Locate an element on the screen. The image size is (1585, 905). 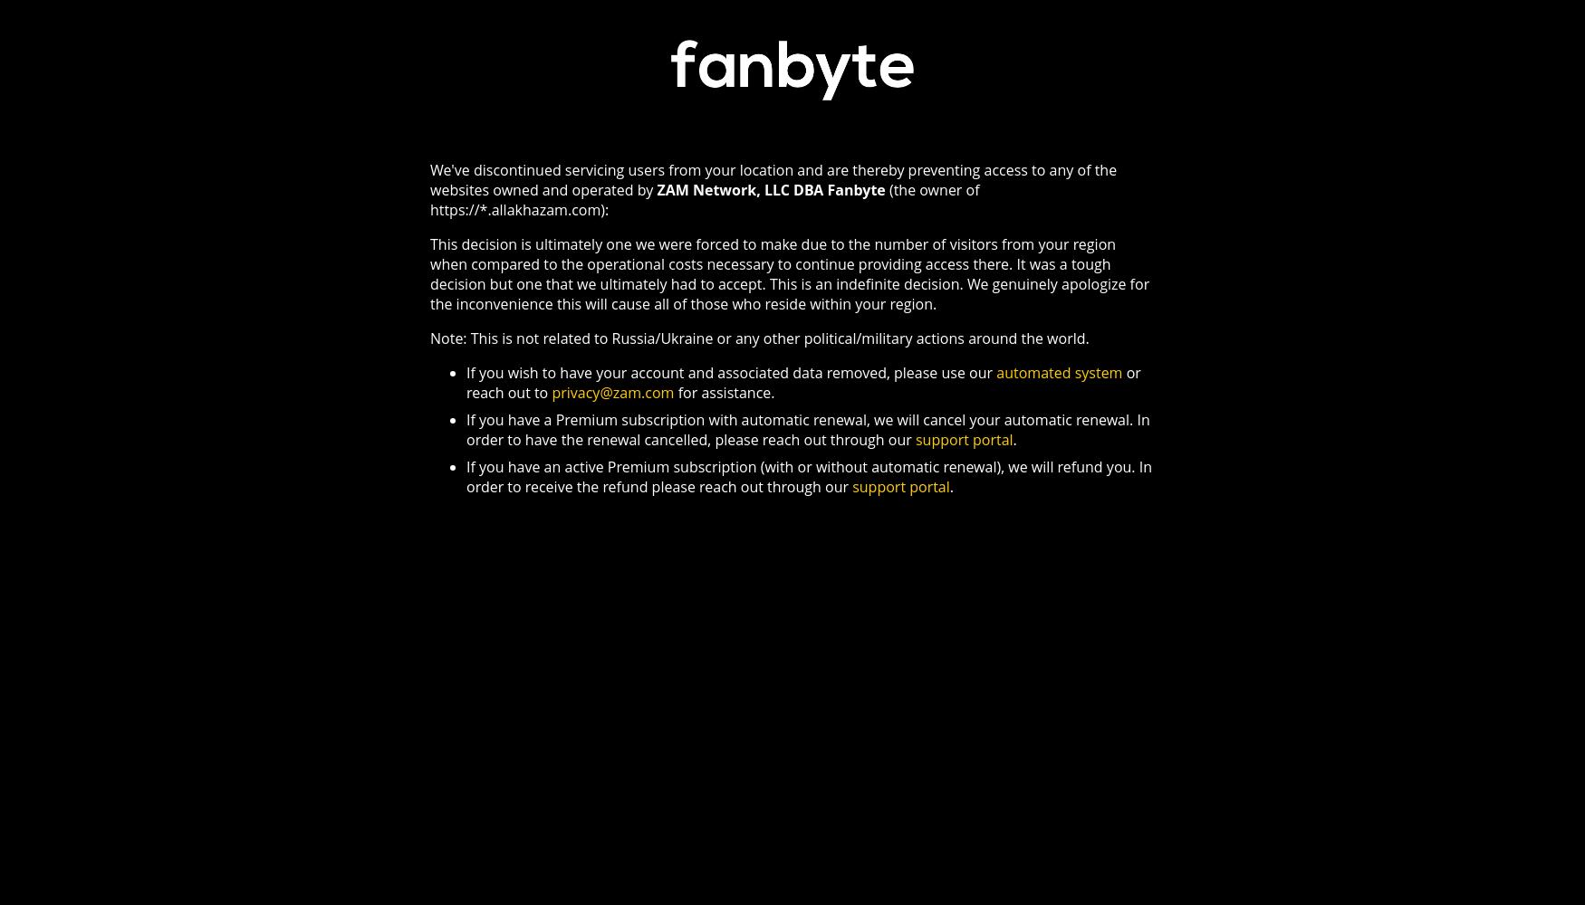
'If you have an active Premium subscription (with or without automatic renewal), we will refund you. In order to receive the refund please reach out through our' is located at coordinates (808, 476).